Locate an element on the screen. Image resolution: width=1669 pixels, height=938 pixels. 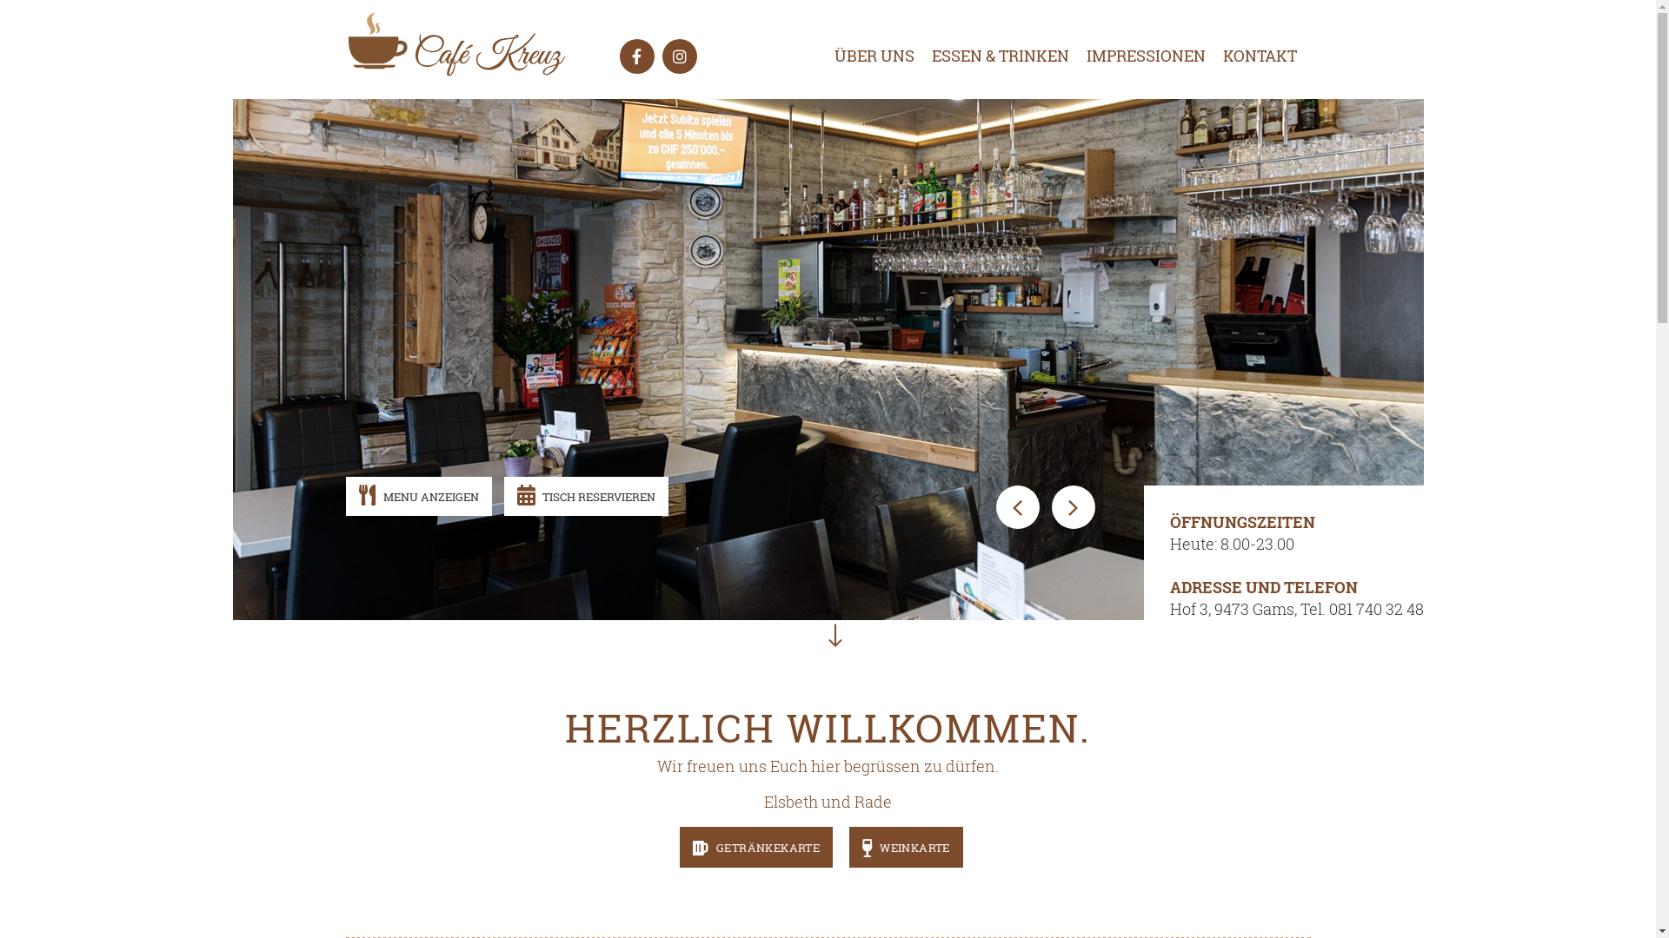
'MENU ANZEIGEN' is located at coordinates (418, 496).